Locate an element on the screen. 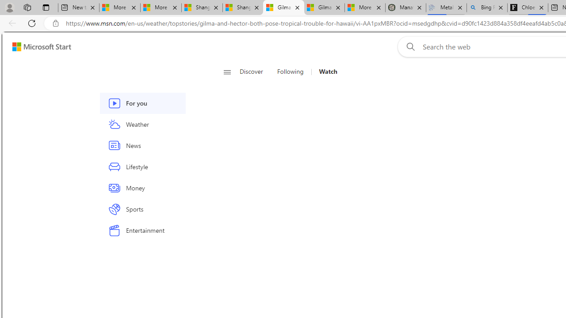  'Shanghai, China weather forecast | Microsoft Weather' is located at coordinates (243, 8).